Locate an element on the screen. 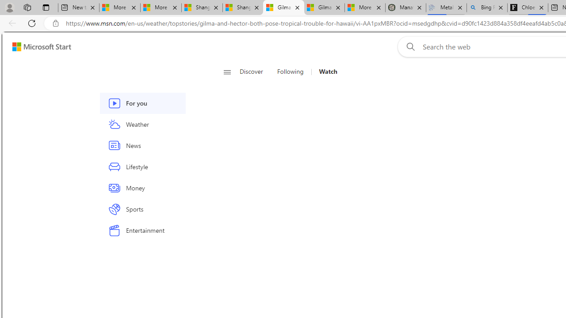  'Shanghai, China weather forecast | Microsoft Weather' is located at coordinates (243, 8).